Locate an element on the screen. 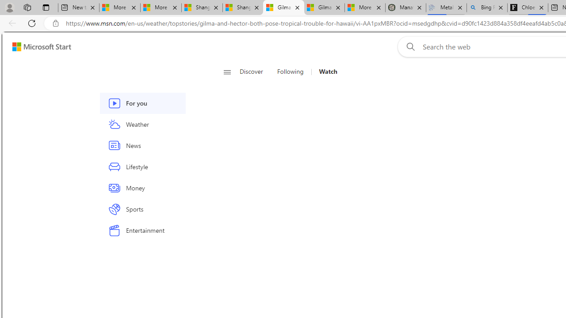  'Shanghai, China weather forecast | Microsoft Weather' is located at coordinates (243, 8).